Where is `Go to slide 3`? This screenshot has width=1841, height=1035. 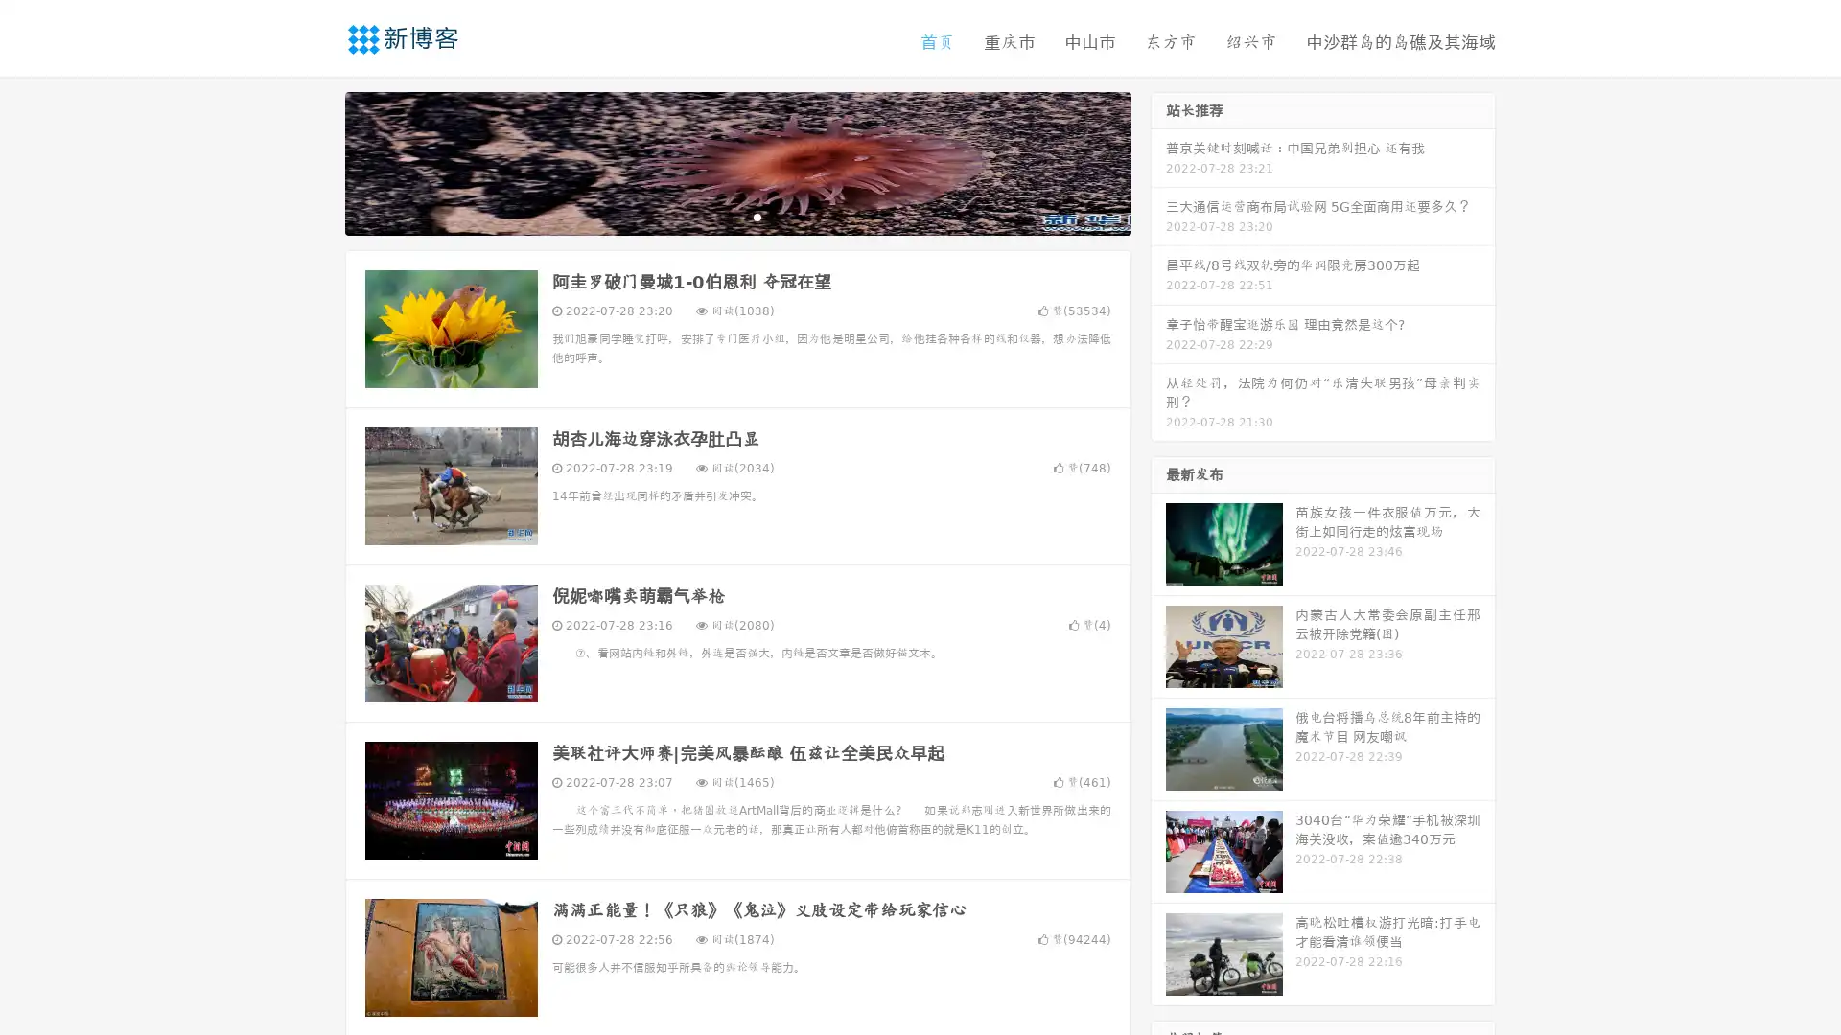
Go to slide 3 is located at coordinates (757, 216).